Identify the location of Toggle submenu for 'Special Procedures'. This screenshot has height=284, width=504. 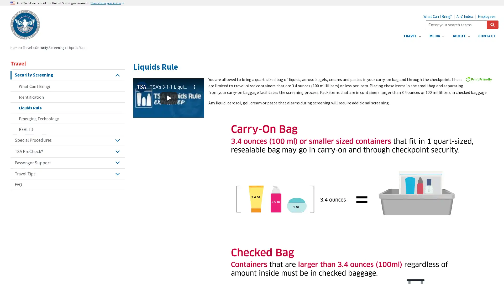
(117, 140).